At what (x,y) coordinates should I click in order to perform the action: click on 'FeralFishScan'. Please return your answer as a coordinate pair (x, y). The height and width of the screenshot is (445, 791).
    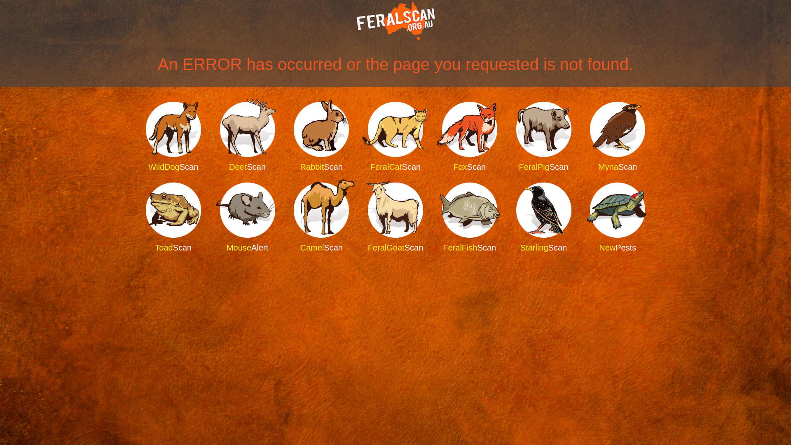
    Looking at the image, I should click on (470, 217).